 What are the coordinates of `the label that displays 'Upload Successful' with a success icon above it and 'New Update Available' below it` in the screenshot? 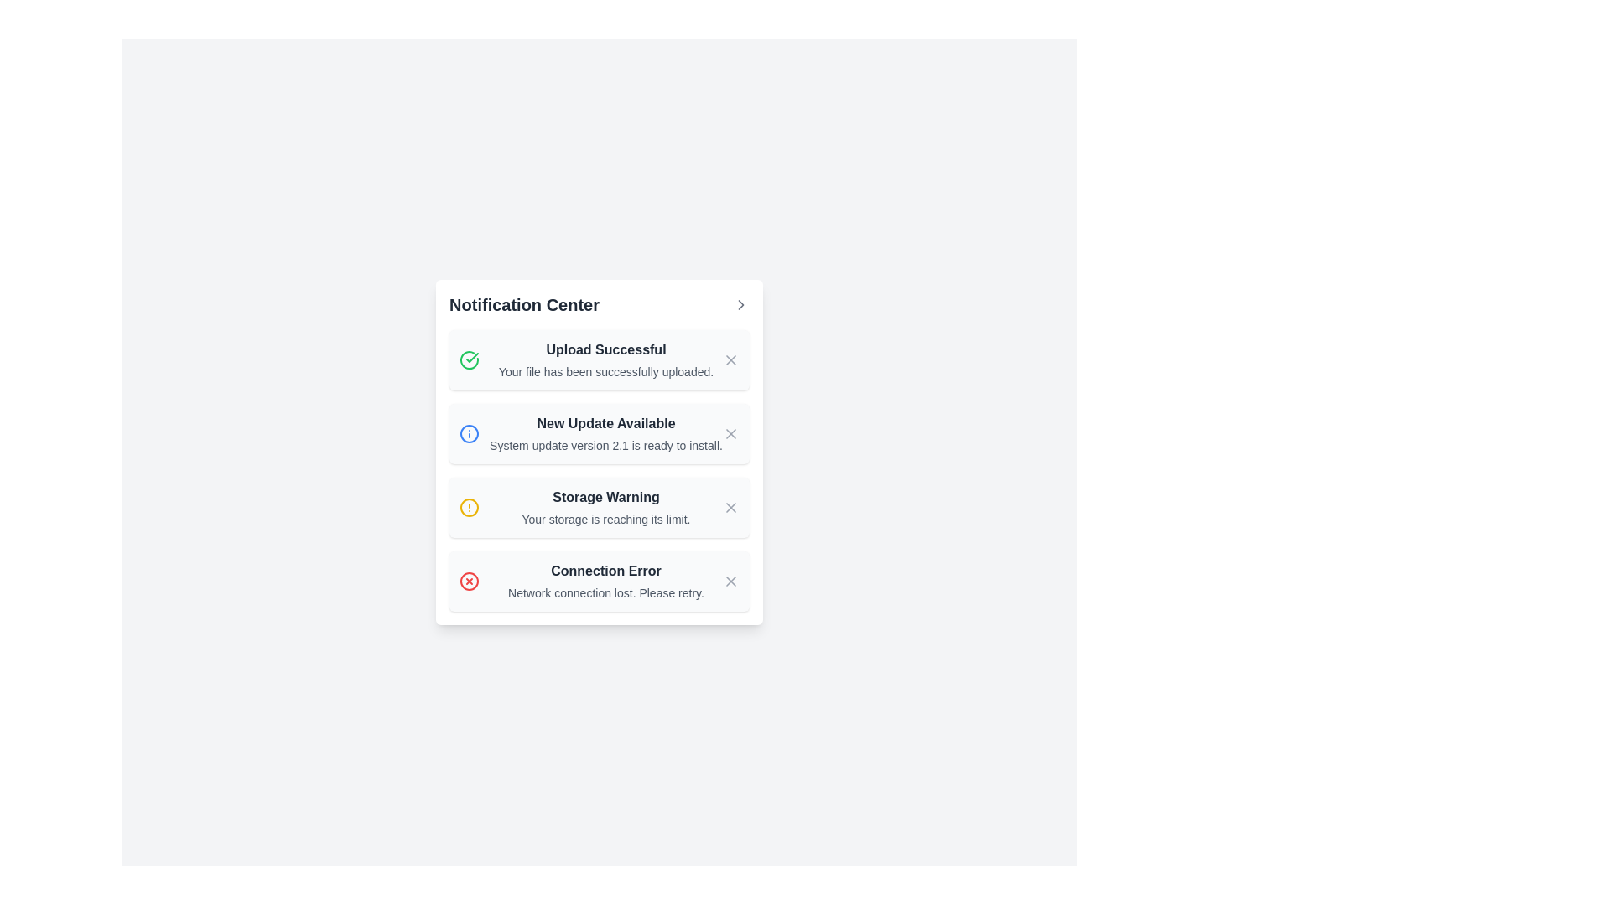 It's located at (605, 359).